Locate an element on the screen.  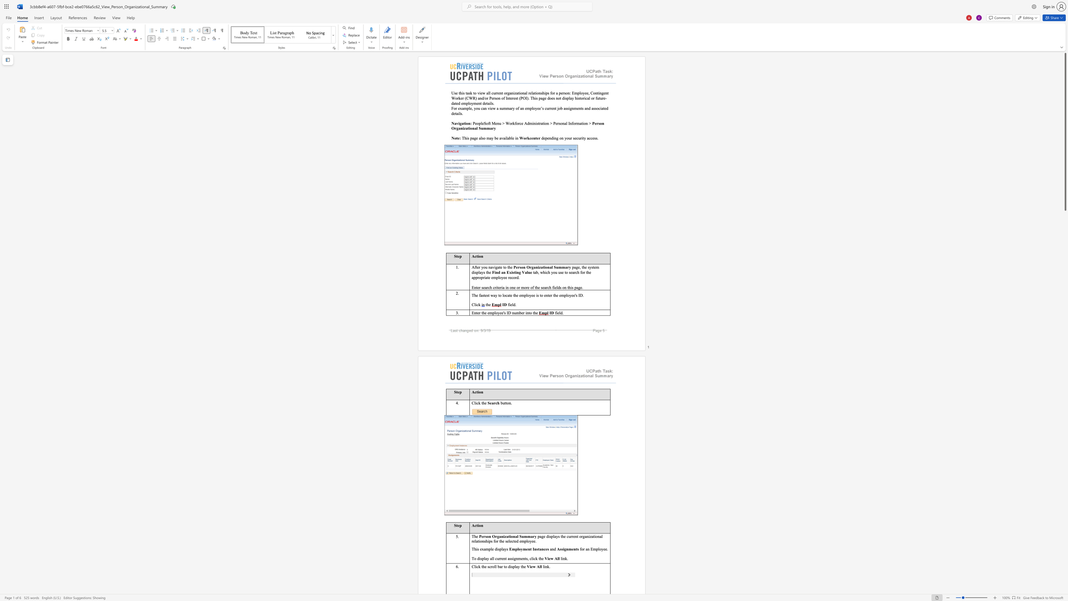
the subset text "'s I" within the text "the employee is to enter the employee" is located at coordinates (574, 295).